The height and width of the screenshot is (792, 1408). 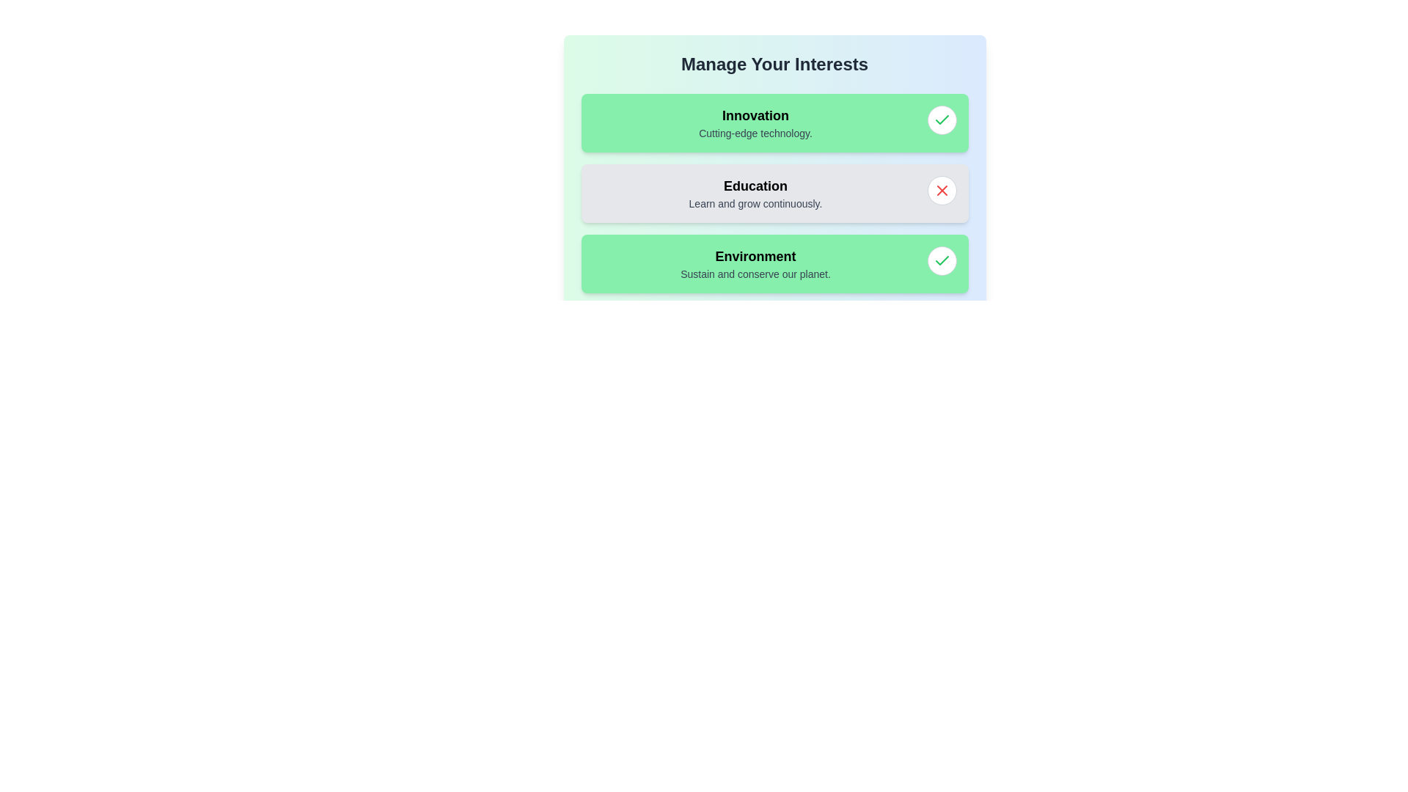 I want to click on the tag labeled 'Innovation' to view its description, so click(x=755, y=122).